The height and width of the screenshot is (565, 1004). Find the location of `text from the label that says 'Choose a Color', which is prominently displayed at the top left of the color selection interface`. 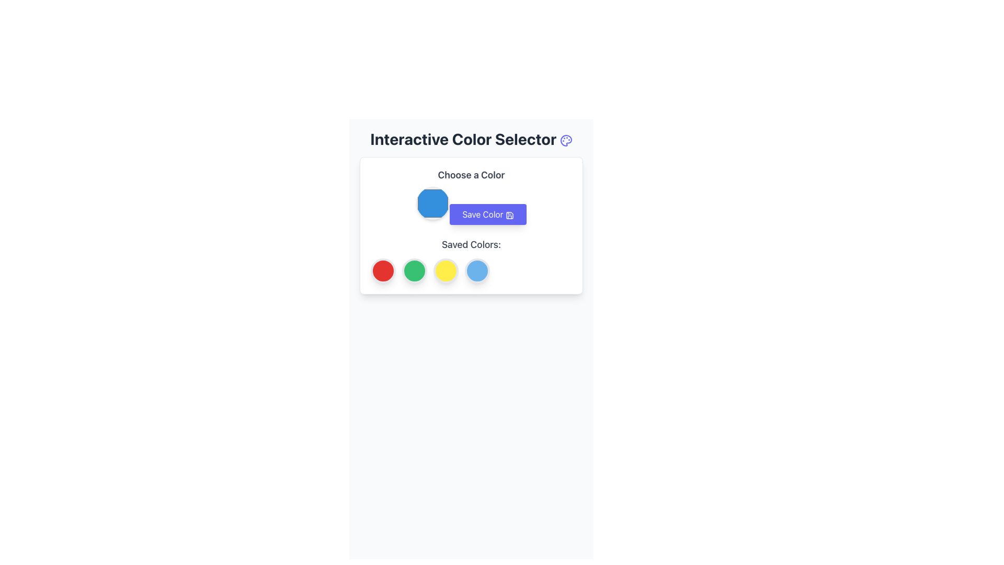

text from the label that says 'Choose a Color', which is prominently displayed at the top left of the color selection interface is located at coordinates (471, 175).